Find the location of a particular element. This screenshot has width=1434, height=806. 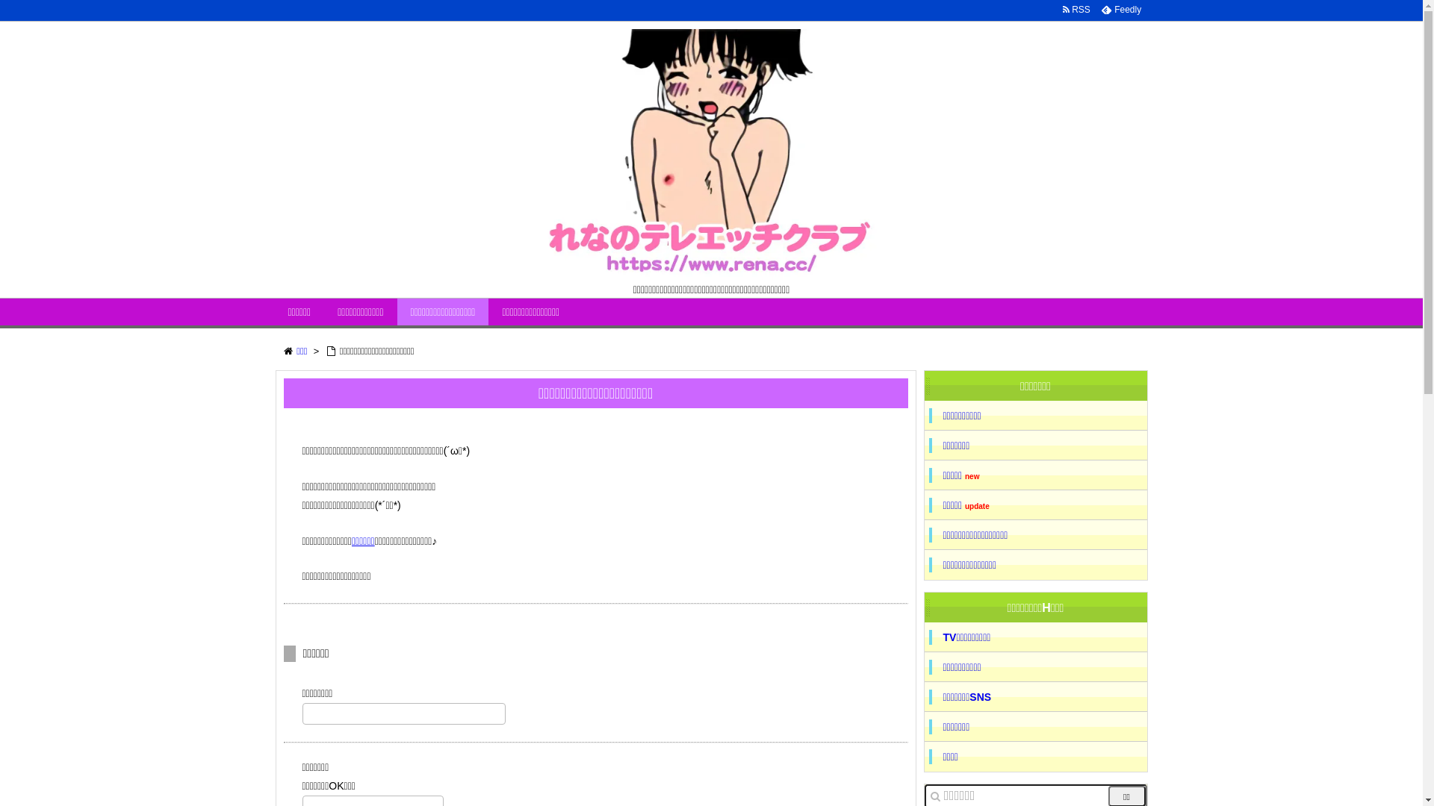

'  Feedly ' is located at coordinates (1121, 9).